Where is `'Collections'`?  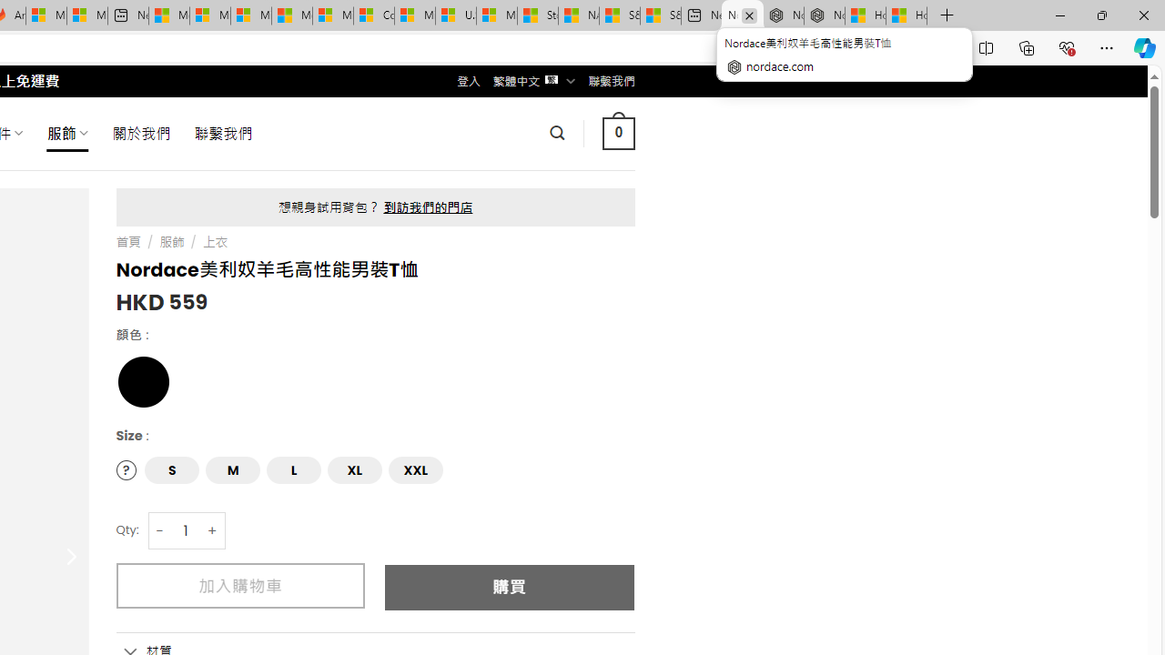
'Collections' is located at coordinates (1027, 46).